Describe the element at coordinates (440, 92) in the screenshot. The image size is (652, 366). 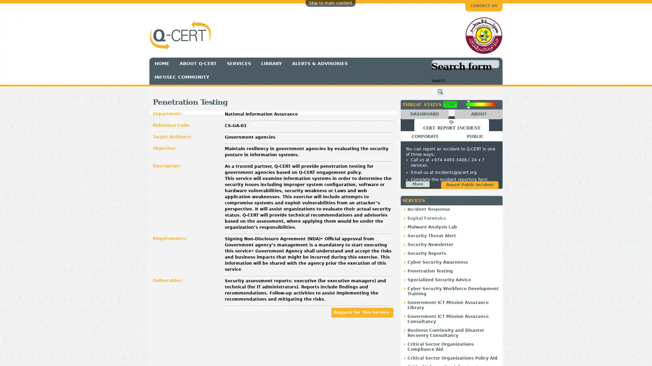
I see `Search` at that location.